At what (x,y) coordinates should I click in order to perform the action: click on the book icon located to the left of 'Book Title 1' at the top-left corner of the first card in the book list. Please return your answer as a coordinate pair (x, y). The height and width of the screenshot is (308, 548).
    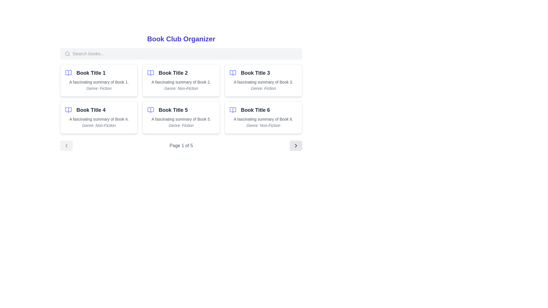
    Looking at the image, I should click on (68, 72).